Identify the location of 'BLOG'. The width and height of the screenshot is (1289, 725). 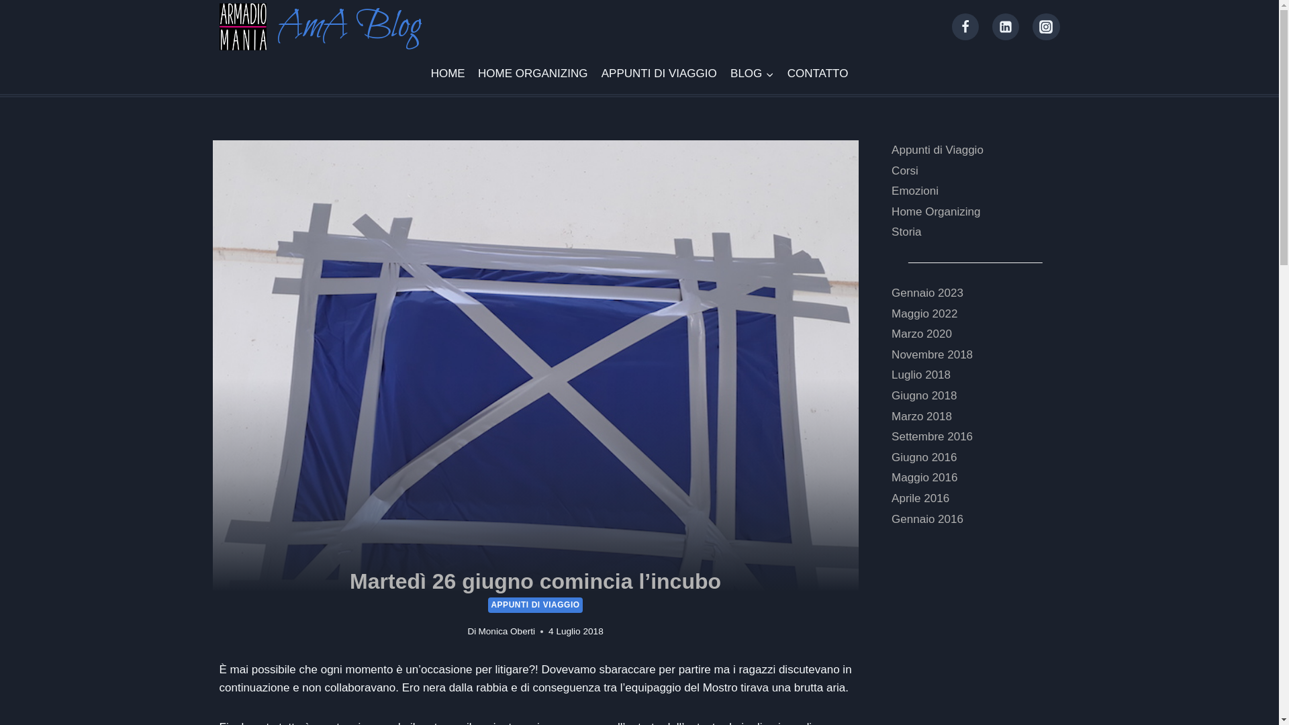
(723, 74).